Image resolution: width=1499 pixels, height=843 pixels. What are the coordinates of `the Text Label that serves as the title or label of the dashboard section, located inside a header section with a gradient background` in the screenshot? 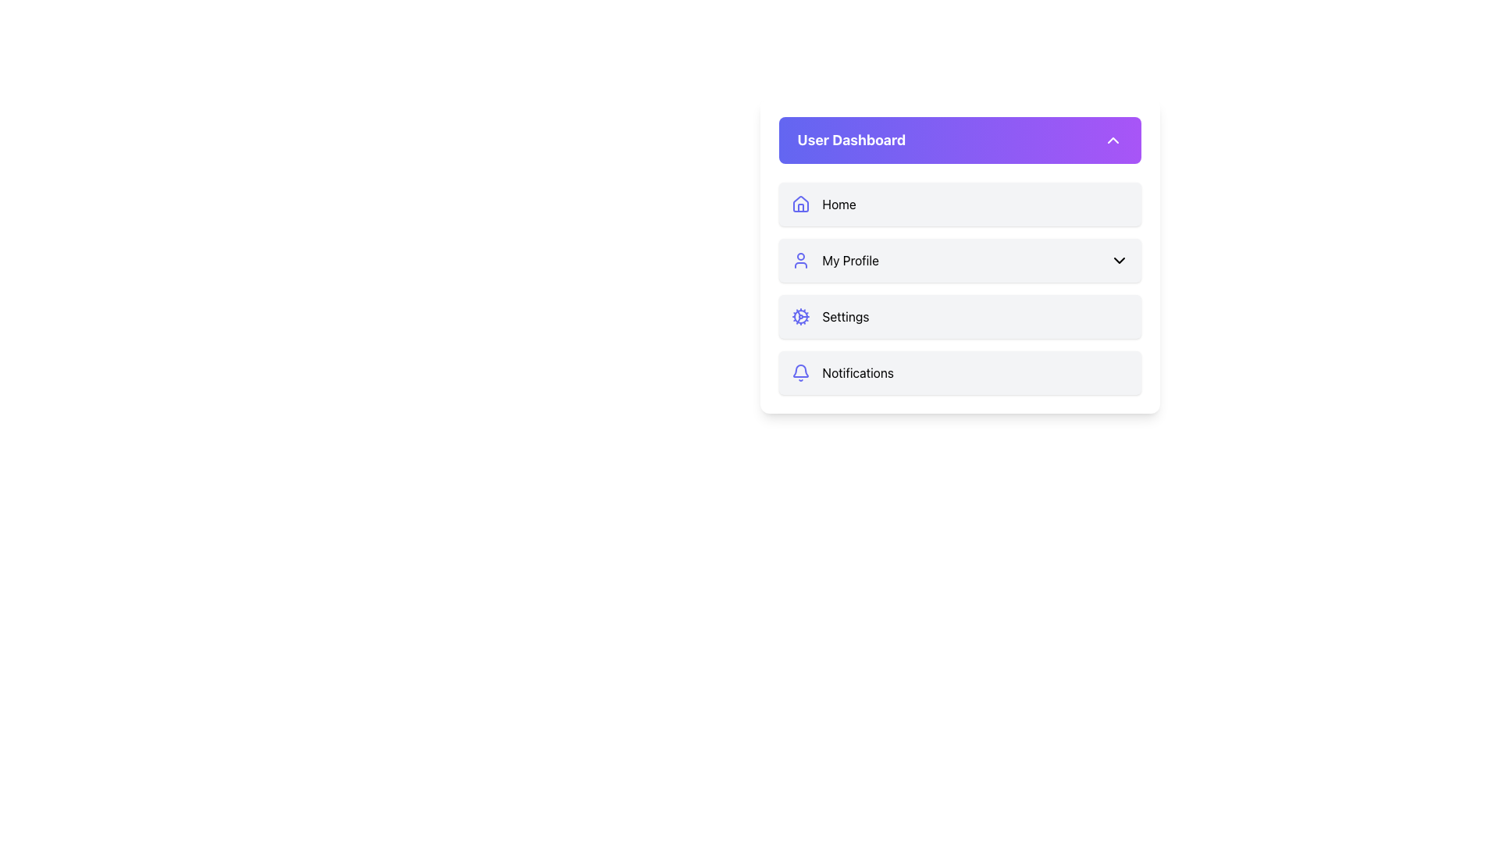 It's located at (850, 140).